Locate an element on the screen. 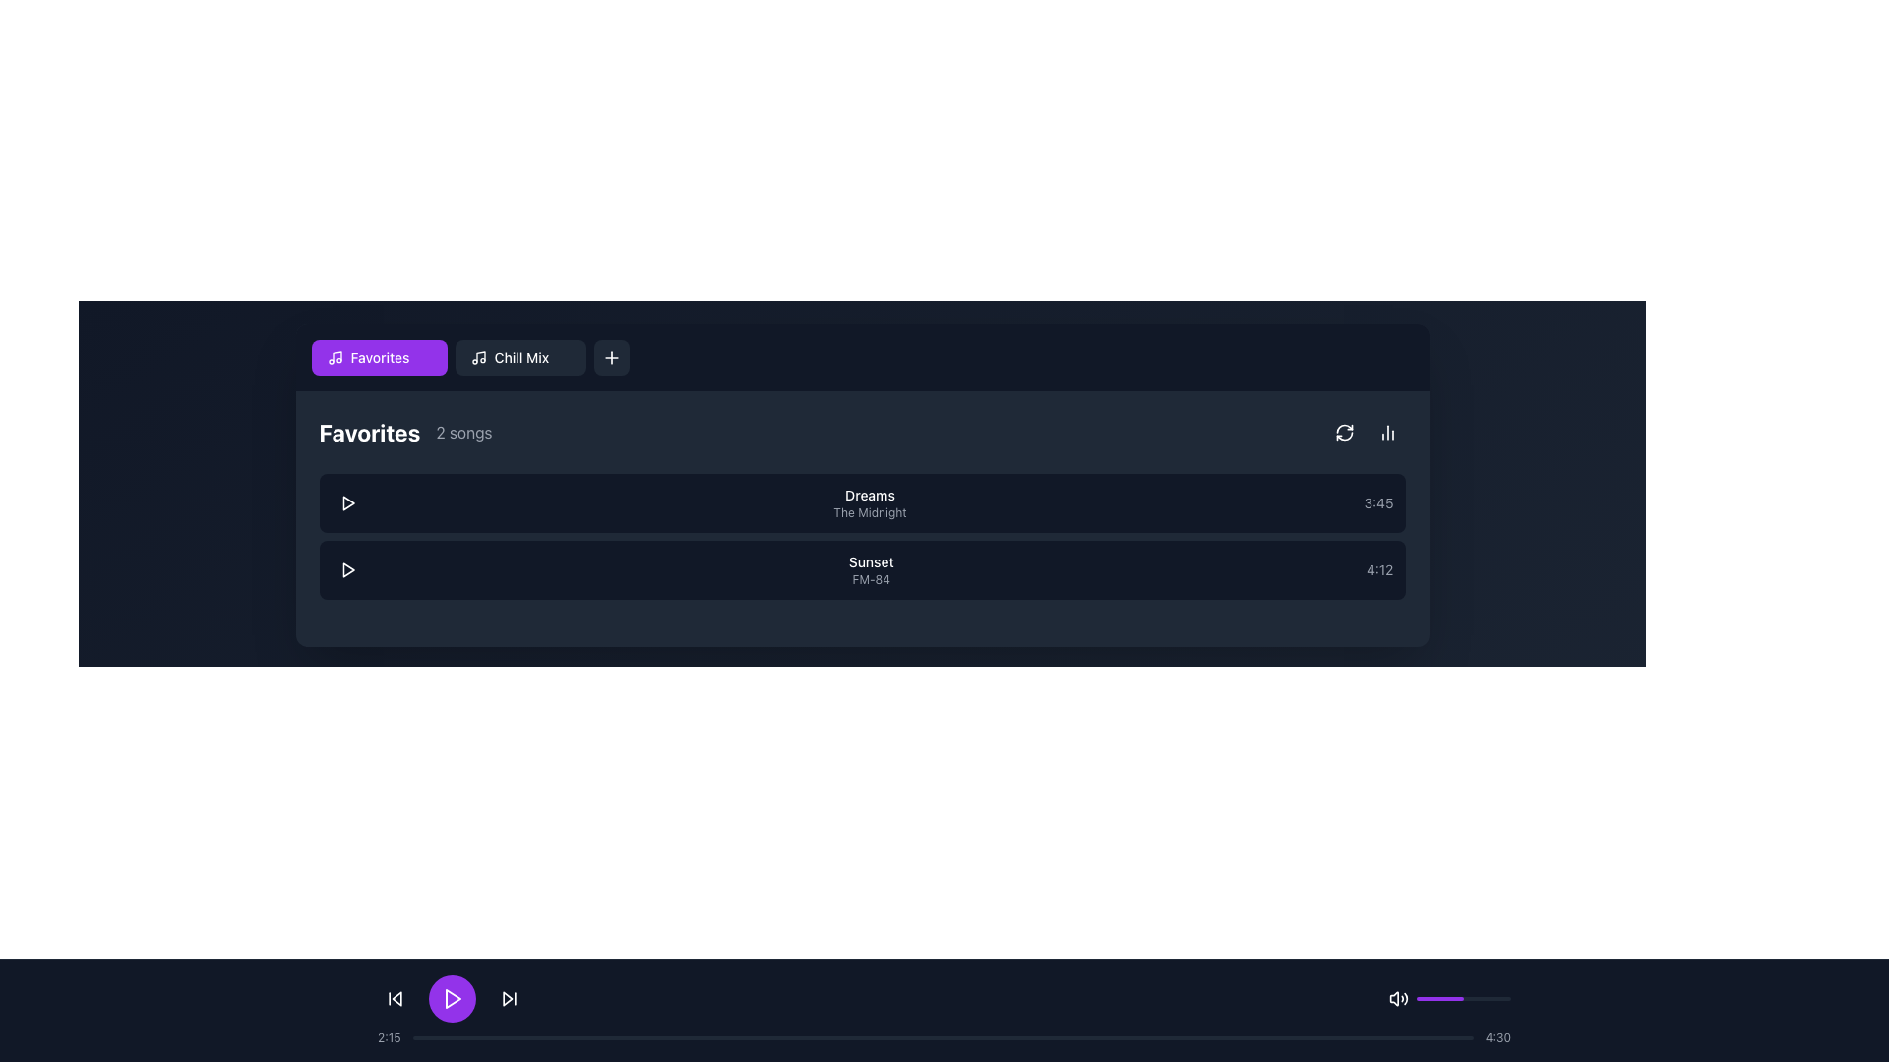  the play button icon located in the second row of the song list is located at coordinates (348, 502).